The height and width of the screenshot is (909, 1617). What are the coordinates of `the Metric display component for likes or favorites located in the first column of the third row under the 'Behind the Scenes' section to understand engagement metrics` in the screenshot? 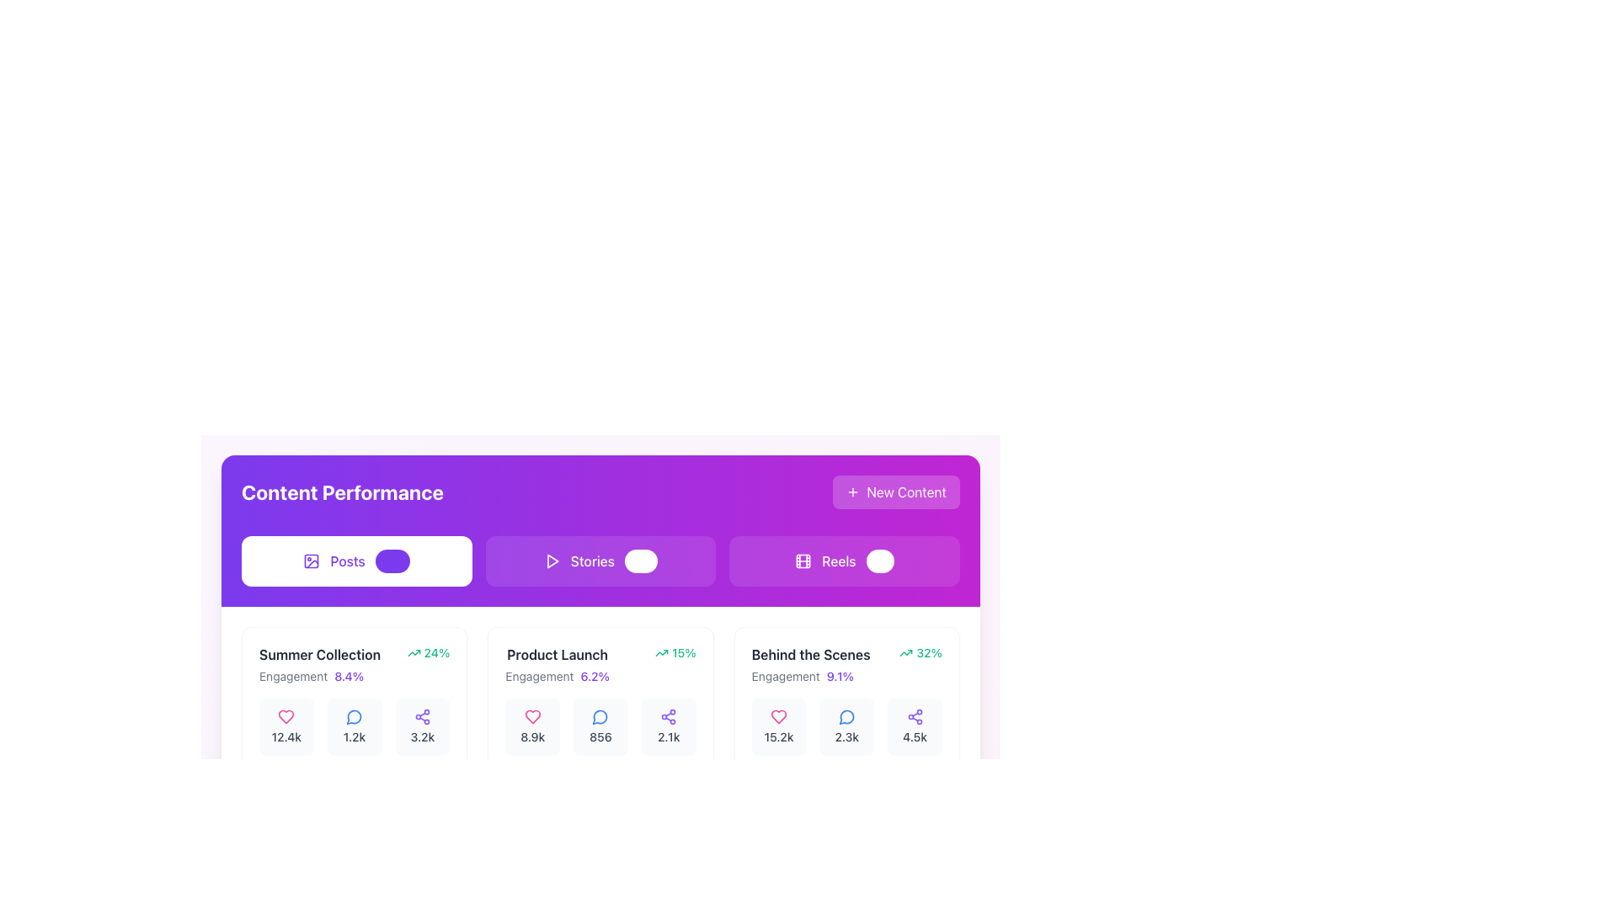 It's located at (778, 726).